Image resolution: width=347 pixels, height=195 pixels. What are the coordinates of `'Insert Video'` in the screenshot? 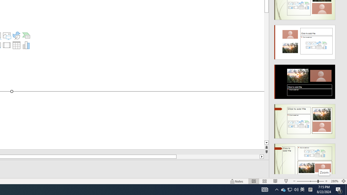 It's located at (7, 45).